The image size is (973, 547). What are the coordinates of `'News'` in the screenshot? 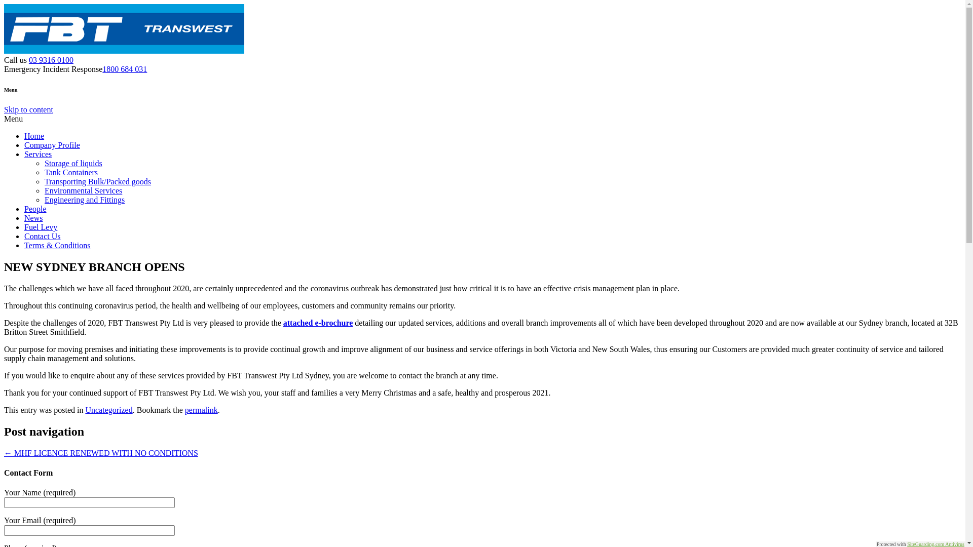 It's located at (33, 217).